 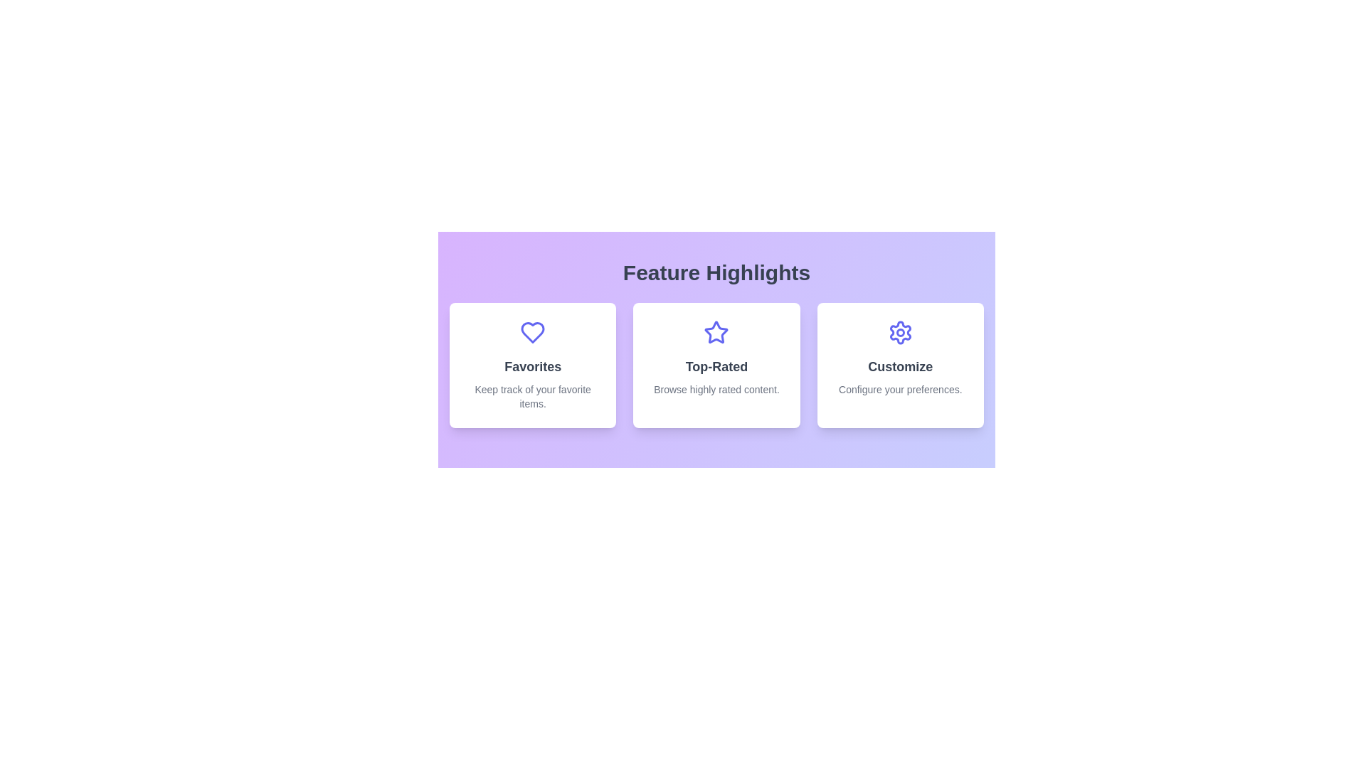 I want to click on text label that says 'Configure your preferences.' which is styled in a small-sized, gray font and located below the 'Customize' heading within the 'Customize' card, so click(x=899, y=389).